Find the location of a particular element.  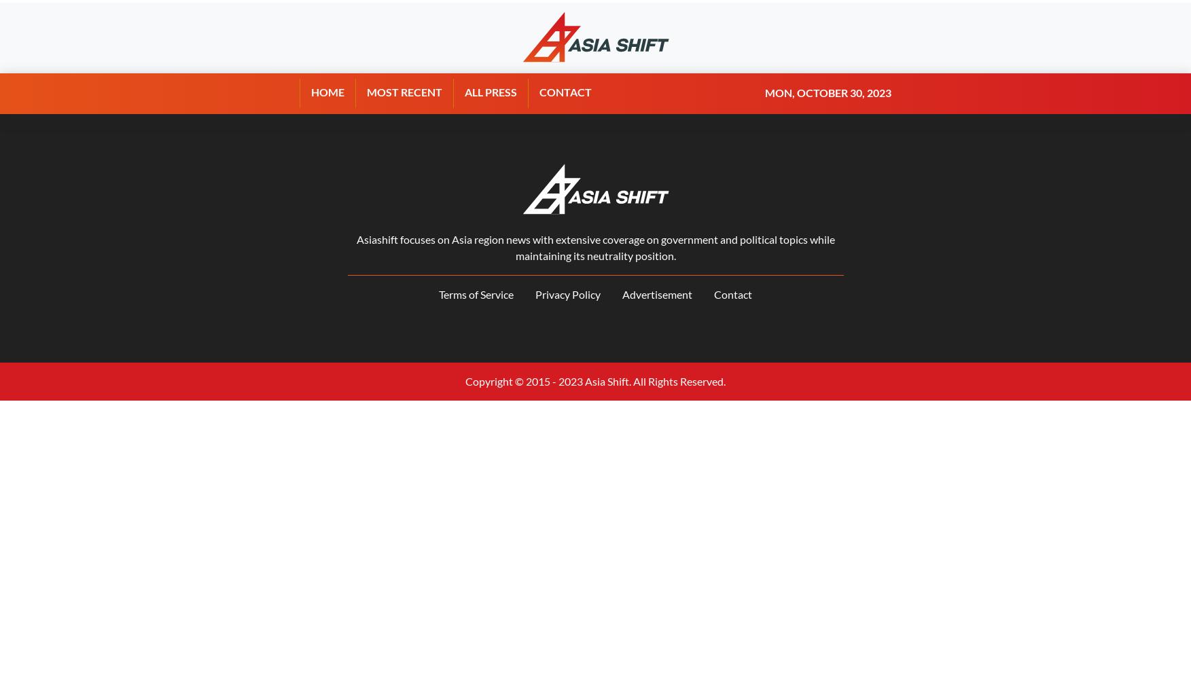

'CONTACT' is located at coordinates (565, 92).